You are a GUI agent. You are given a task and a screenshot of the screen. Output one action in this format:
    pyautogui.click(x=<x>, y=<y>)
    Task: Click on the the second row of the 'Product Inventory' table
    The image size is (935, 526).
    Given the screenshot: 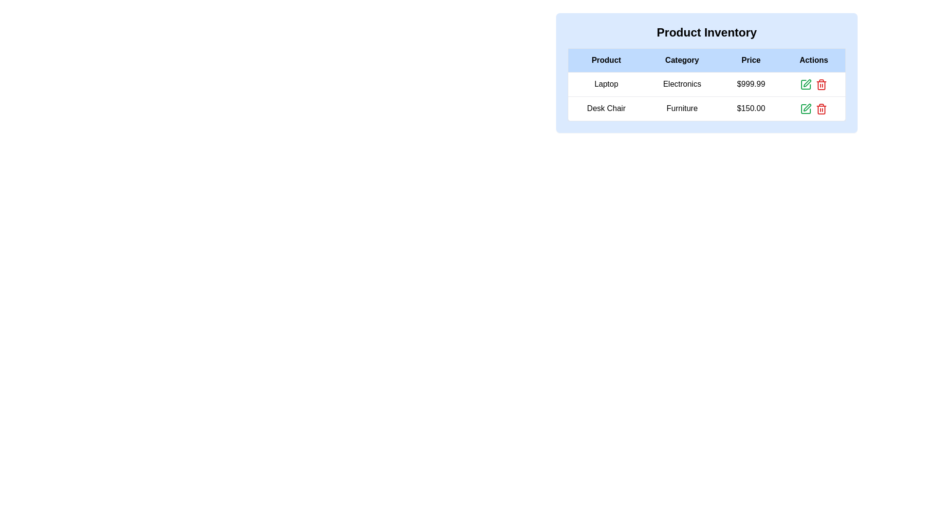 What is the action you would take?
    pyautogui.click(x=707, y=109)
    